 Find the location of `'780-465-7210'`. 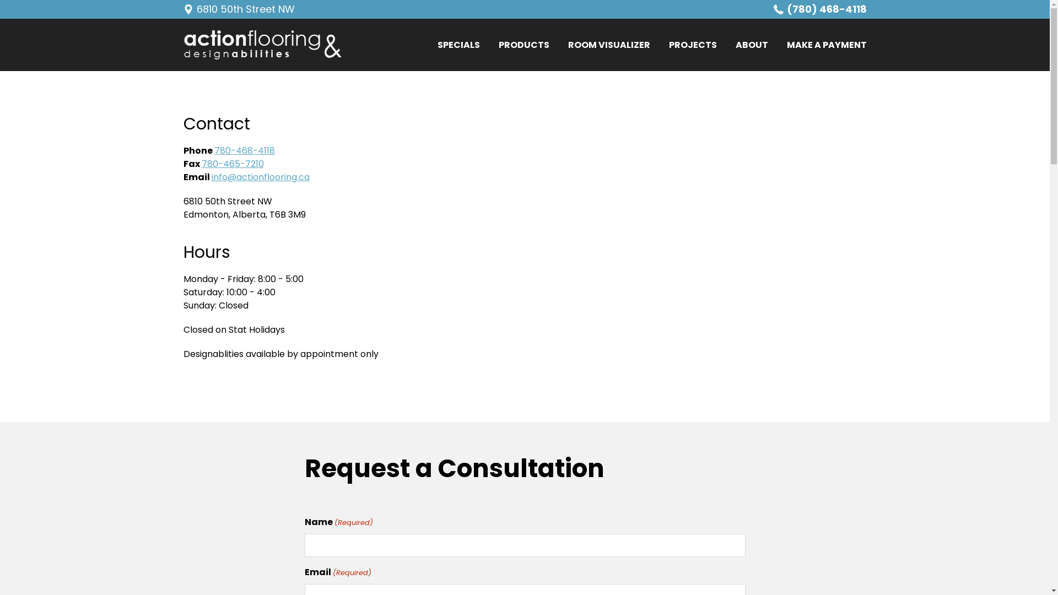

'780-465-7210' is located at coordinates (232, 164).